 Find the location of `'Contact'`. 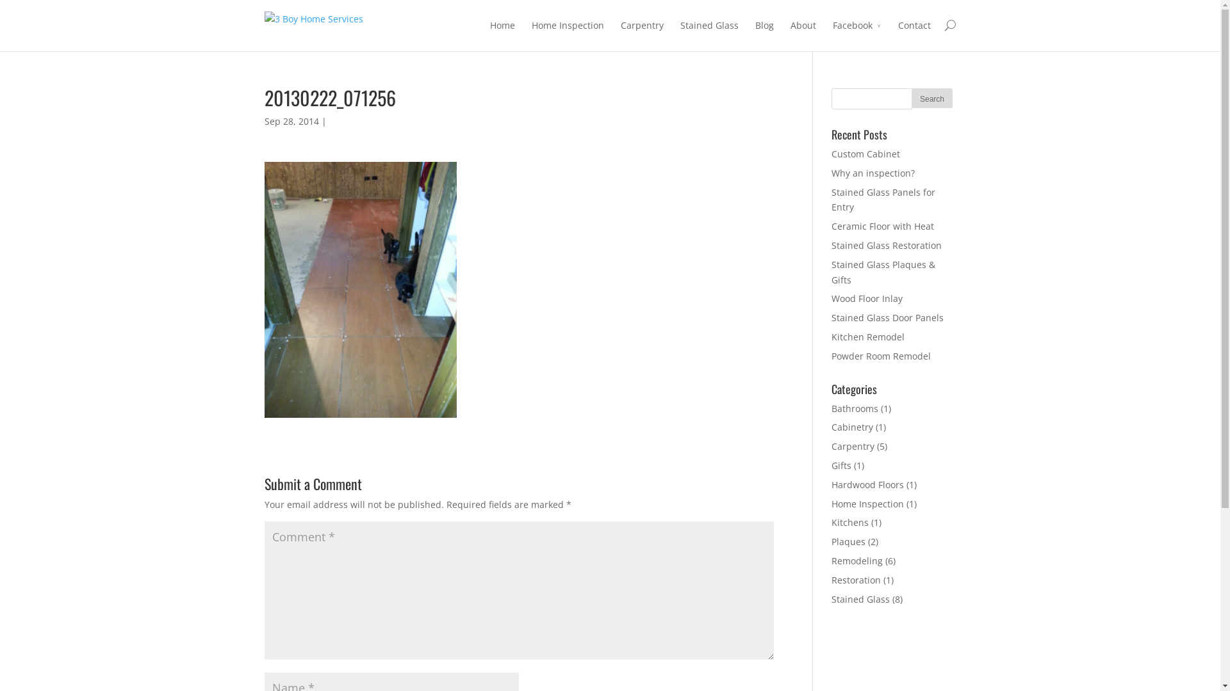

'Contact' is located at coordinates (897, 34).